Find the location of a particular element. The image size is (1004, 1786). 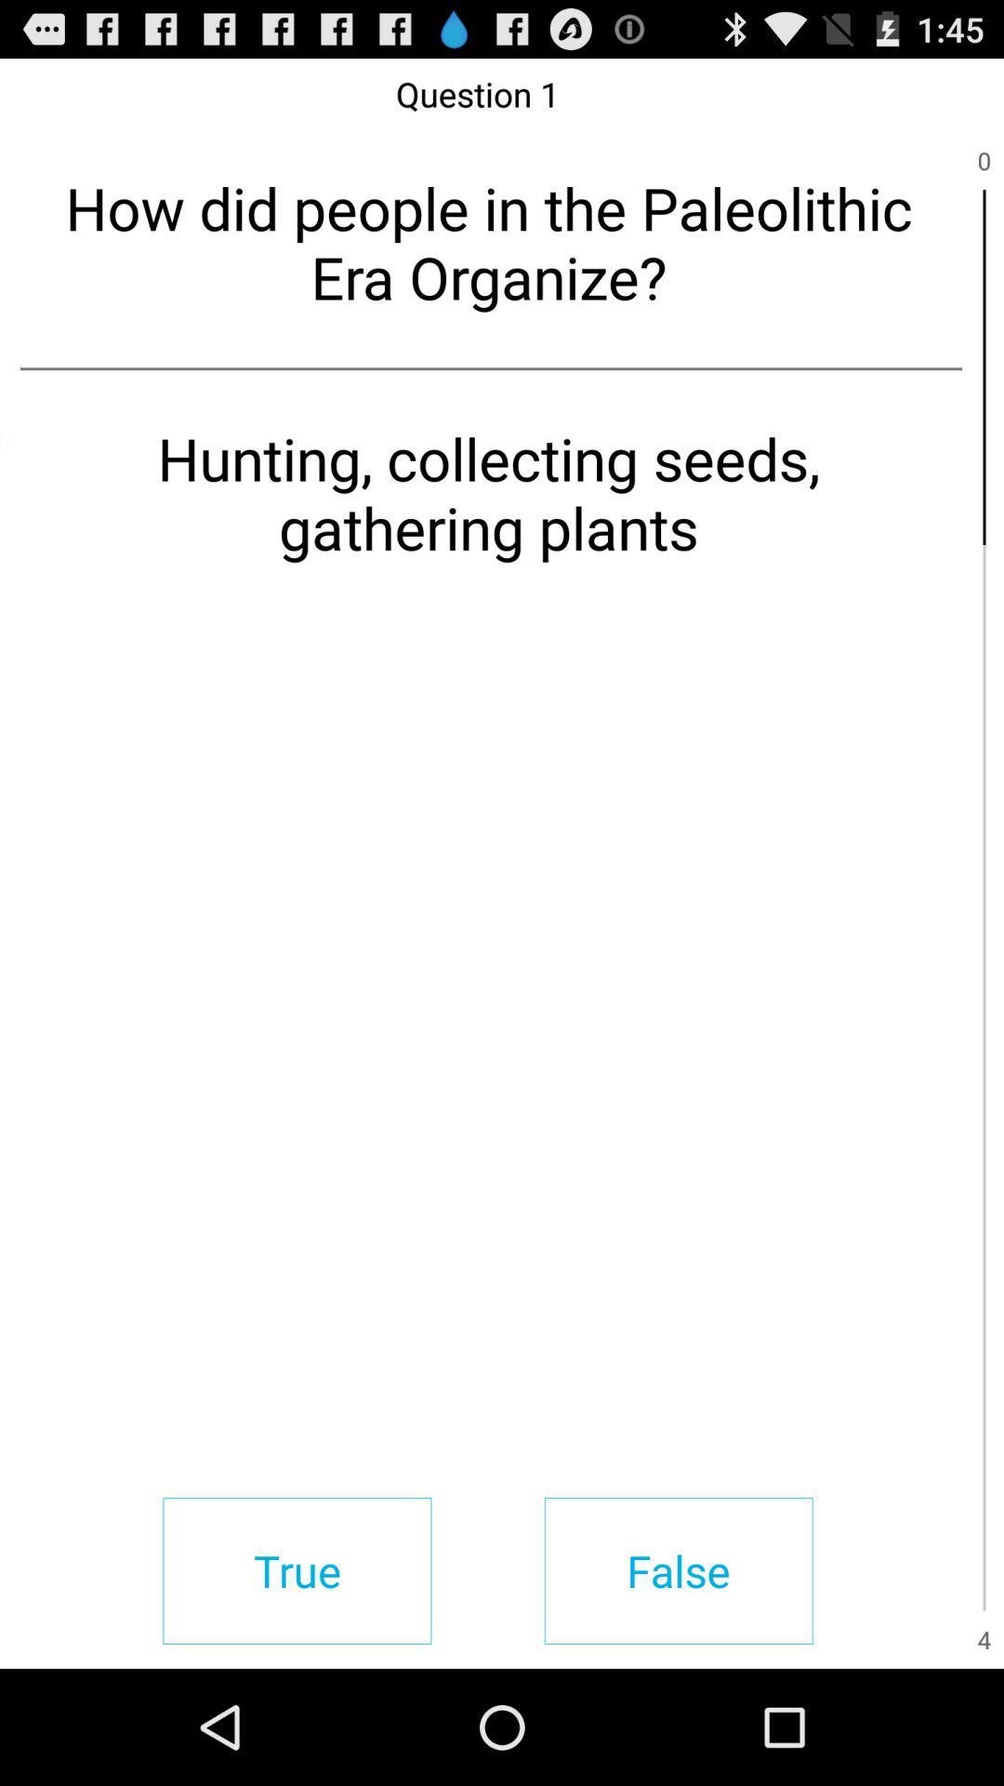

item next to the hunting collecting seeds item is located at coordinates (984, 721).